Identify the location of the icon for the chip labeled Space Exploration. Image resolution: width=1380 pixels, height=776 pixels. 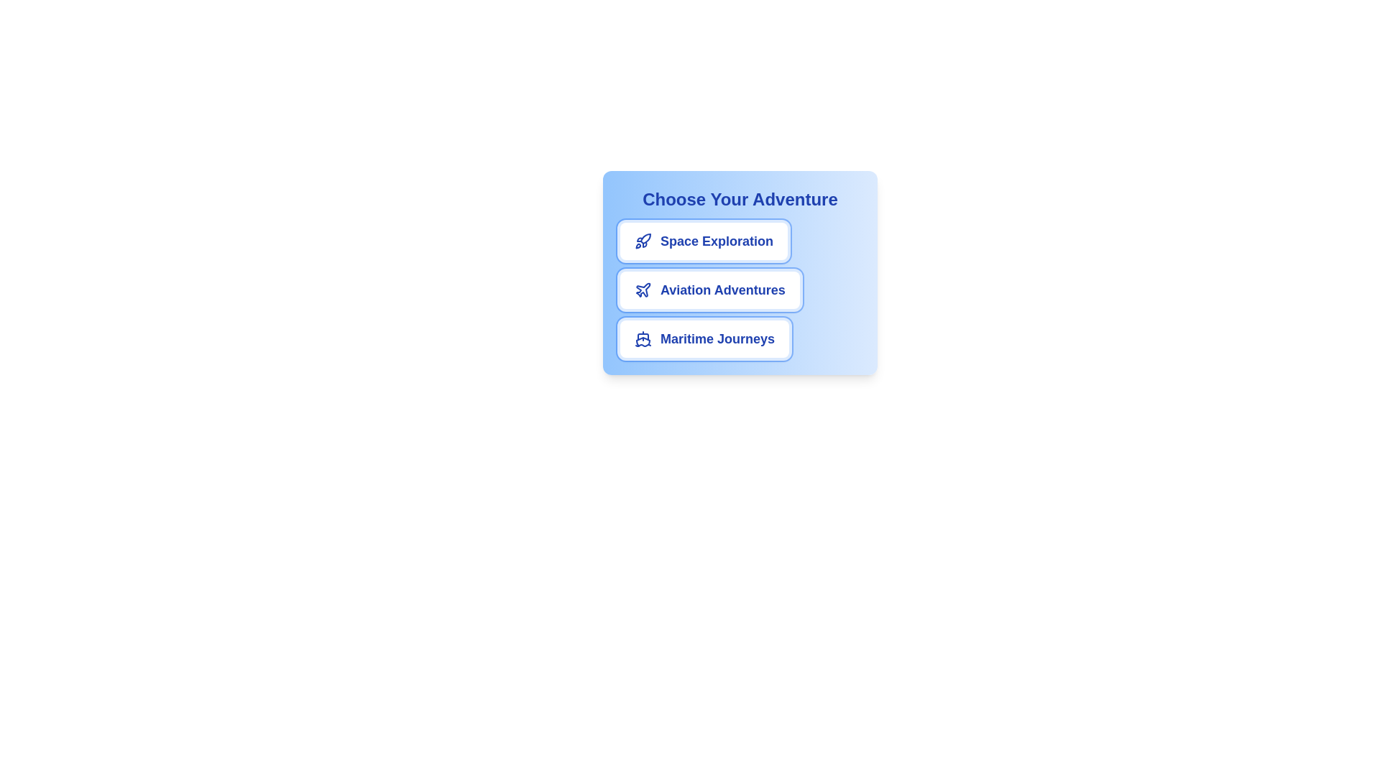
(642, 240).